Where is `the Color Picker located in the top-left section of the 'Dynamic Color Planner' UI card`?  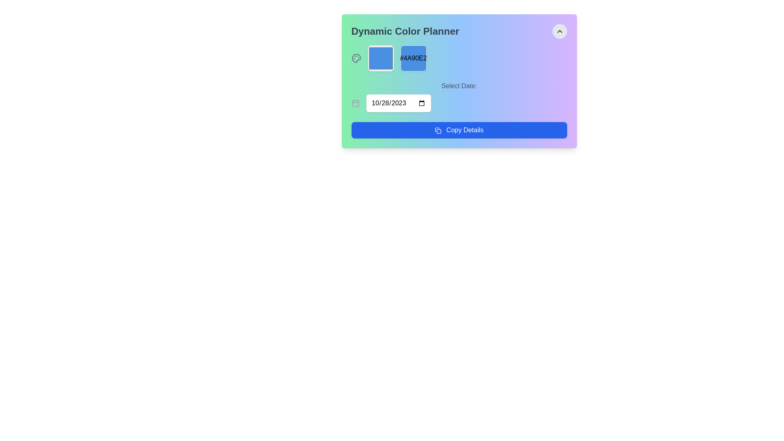 the Color Picker located in the top-left section of the 'Dynamic Color Planner' UI card is located at coordinates (380, 58).